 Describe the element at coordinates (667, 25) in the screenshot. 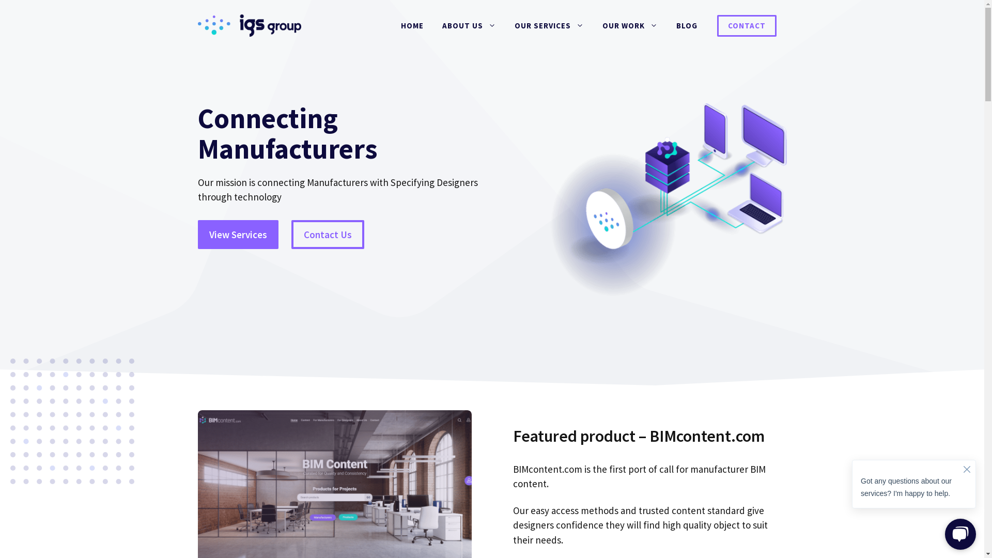

I see `'BLOG'` at that location.